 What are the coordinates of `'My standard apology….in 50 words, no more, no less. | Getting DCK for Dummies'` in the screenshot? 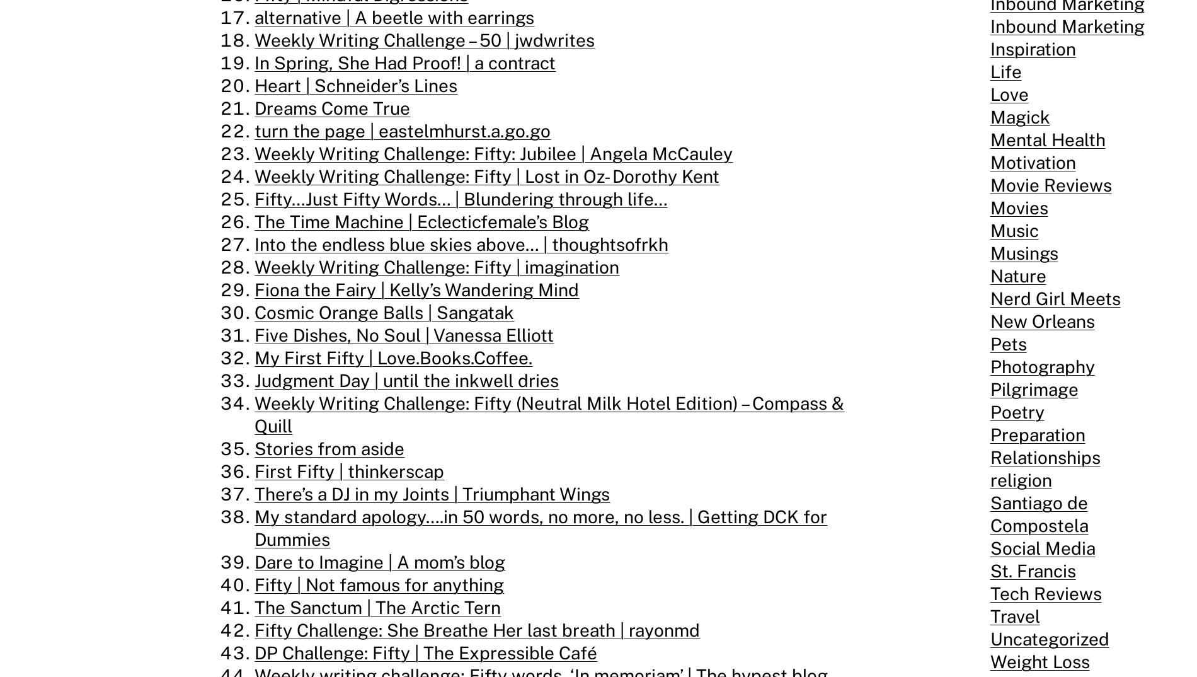 It's located at (253, 528).